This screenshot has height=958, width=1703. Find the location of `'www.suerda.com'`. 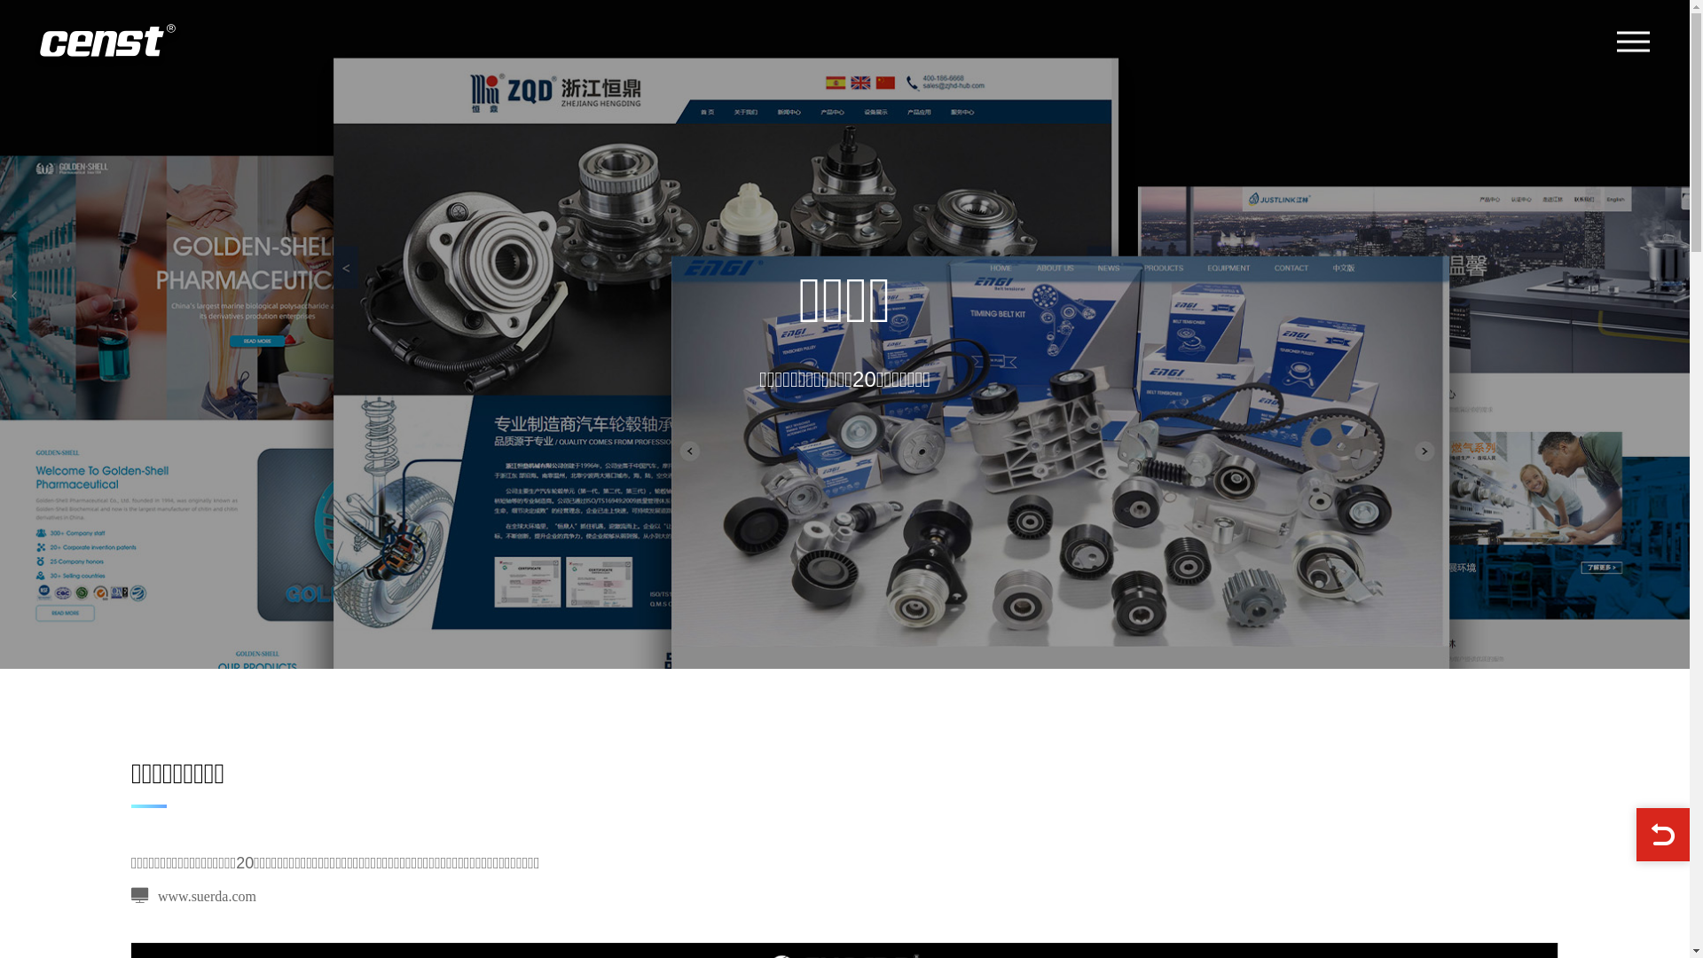

'www.suerda.com' is located at coordinates (193, 896).